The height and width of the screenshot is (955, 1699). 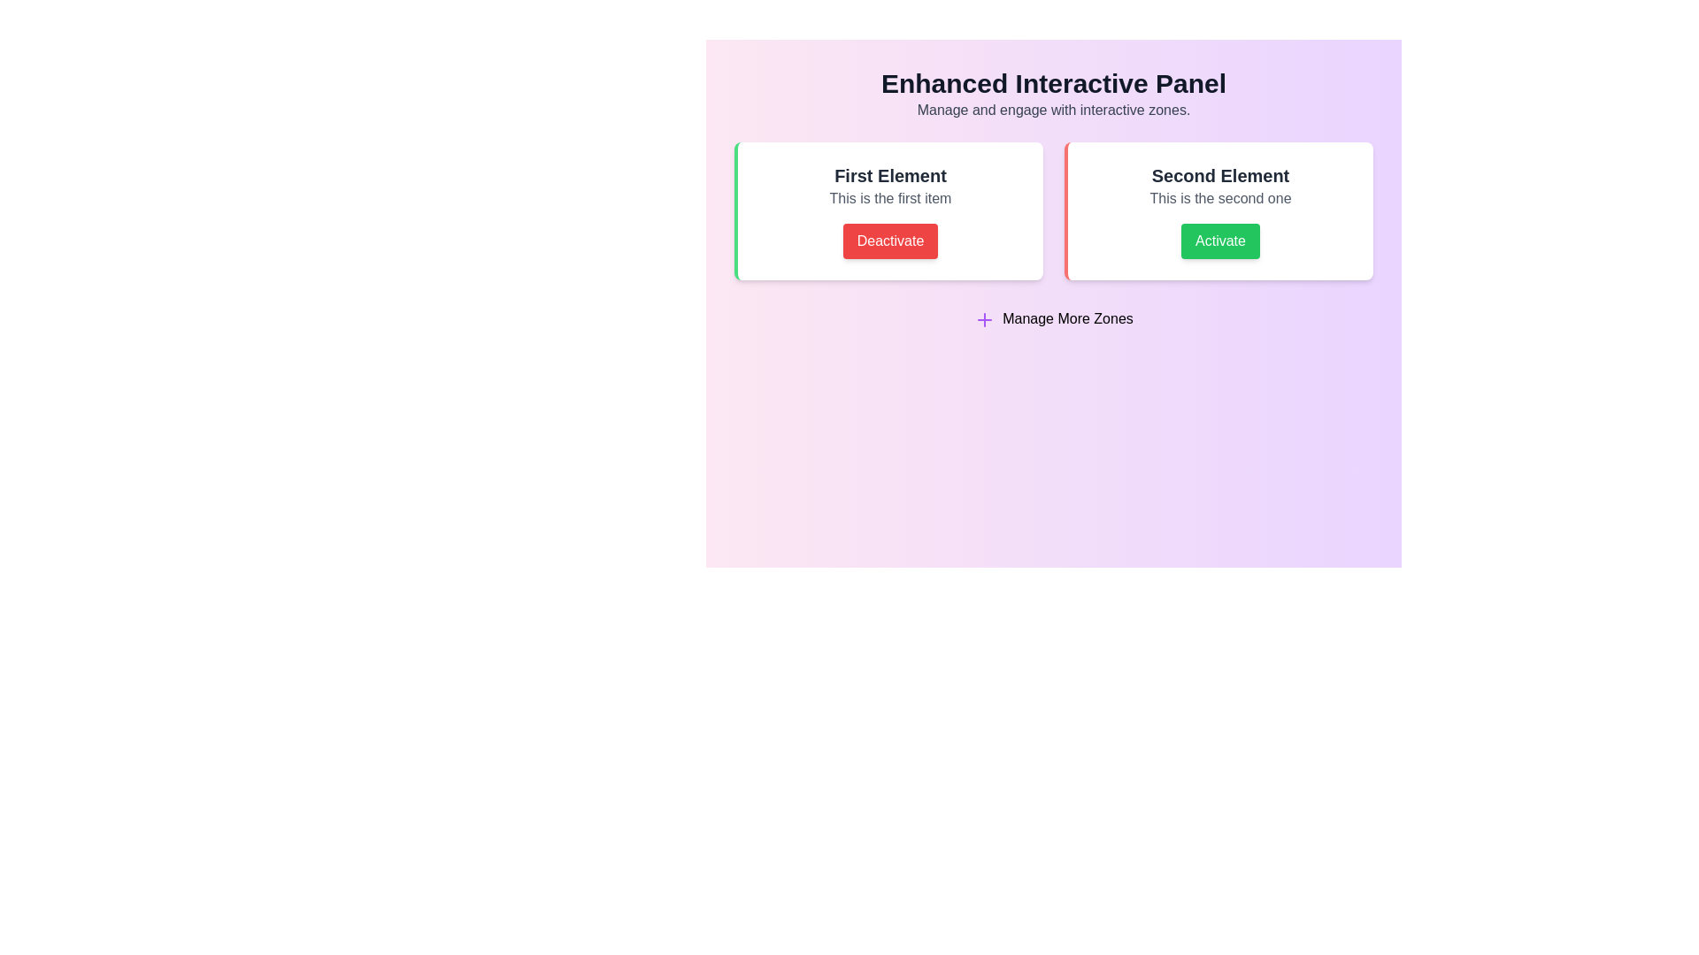 I want to click on the deactivation button located below the description 'This is the first item' within the 'First Element' panel, so click(x=890, y=241).